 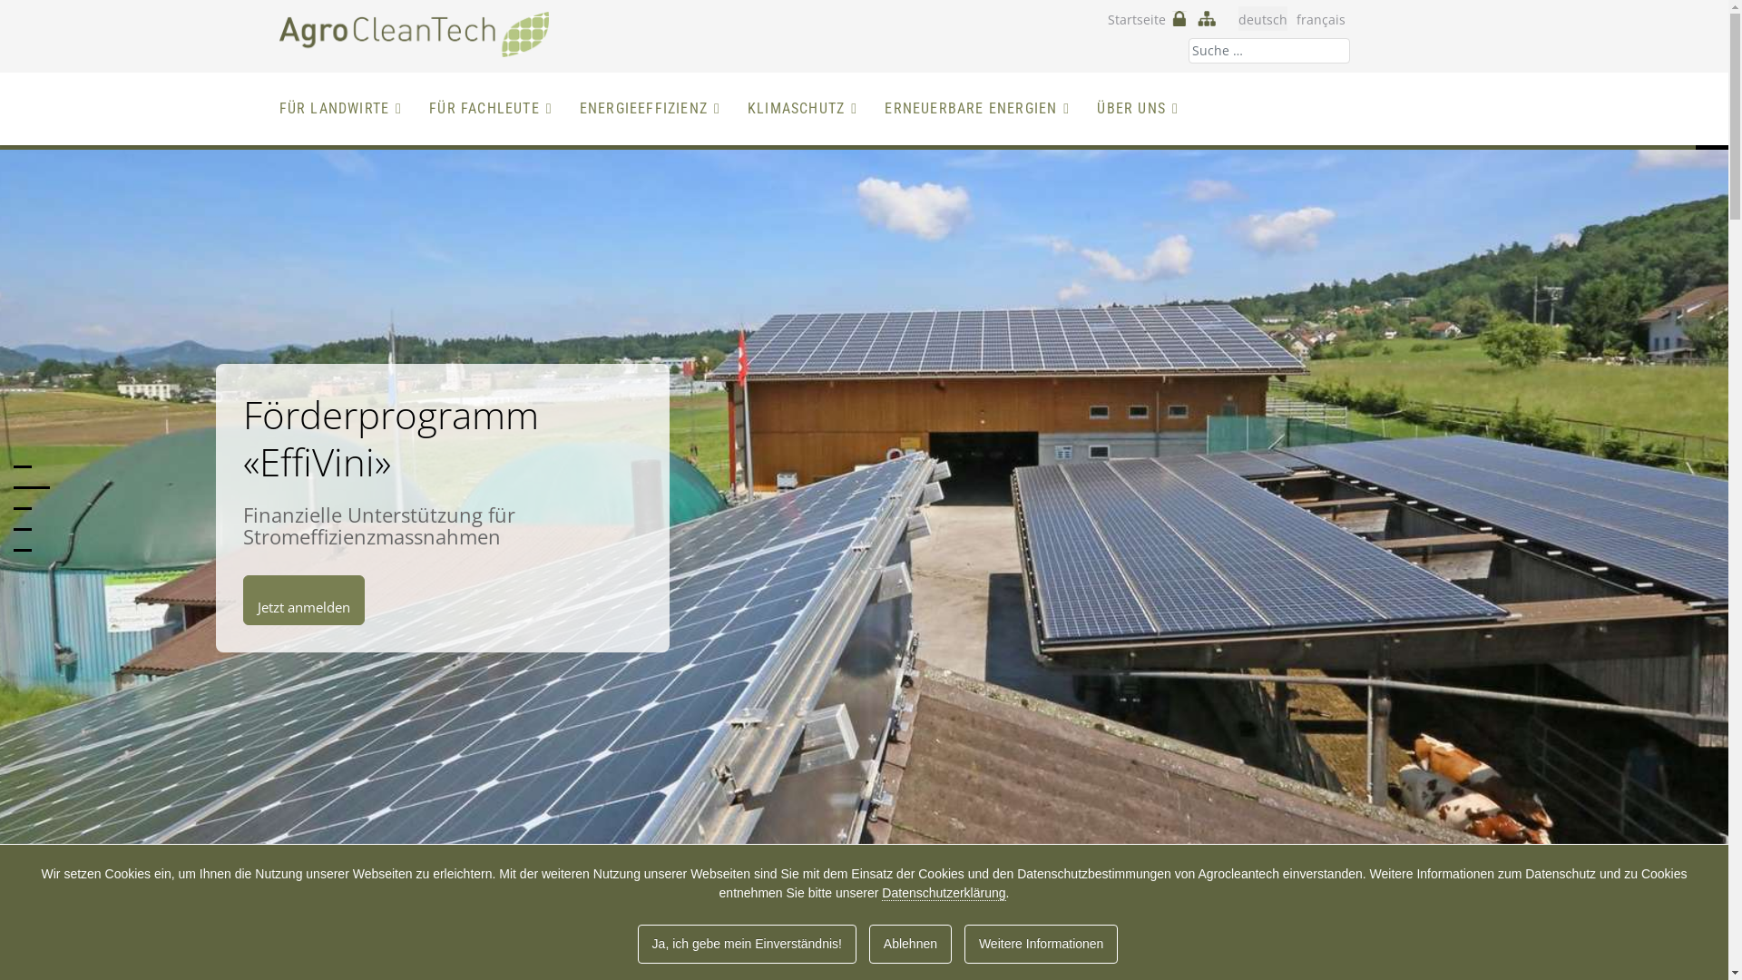 I want to click on 'ENERGIEEFFIZIENZ', so click(x=650, y=108).